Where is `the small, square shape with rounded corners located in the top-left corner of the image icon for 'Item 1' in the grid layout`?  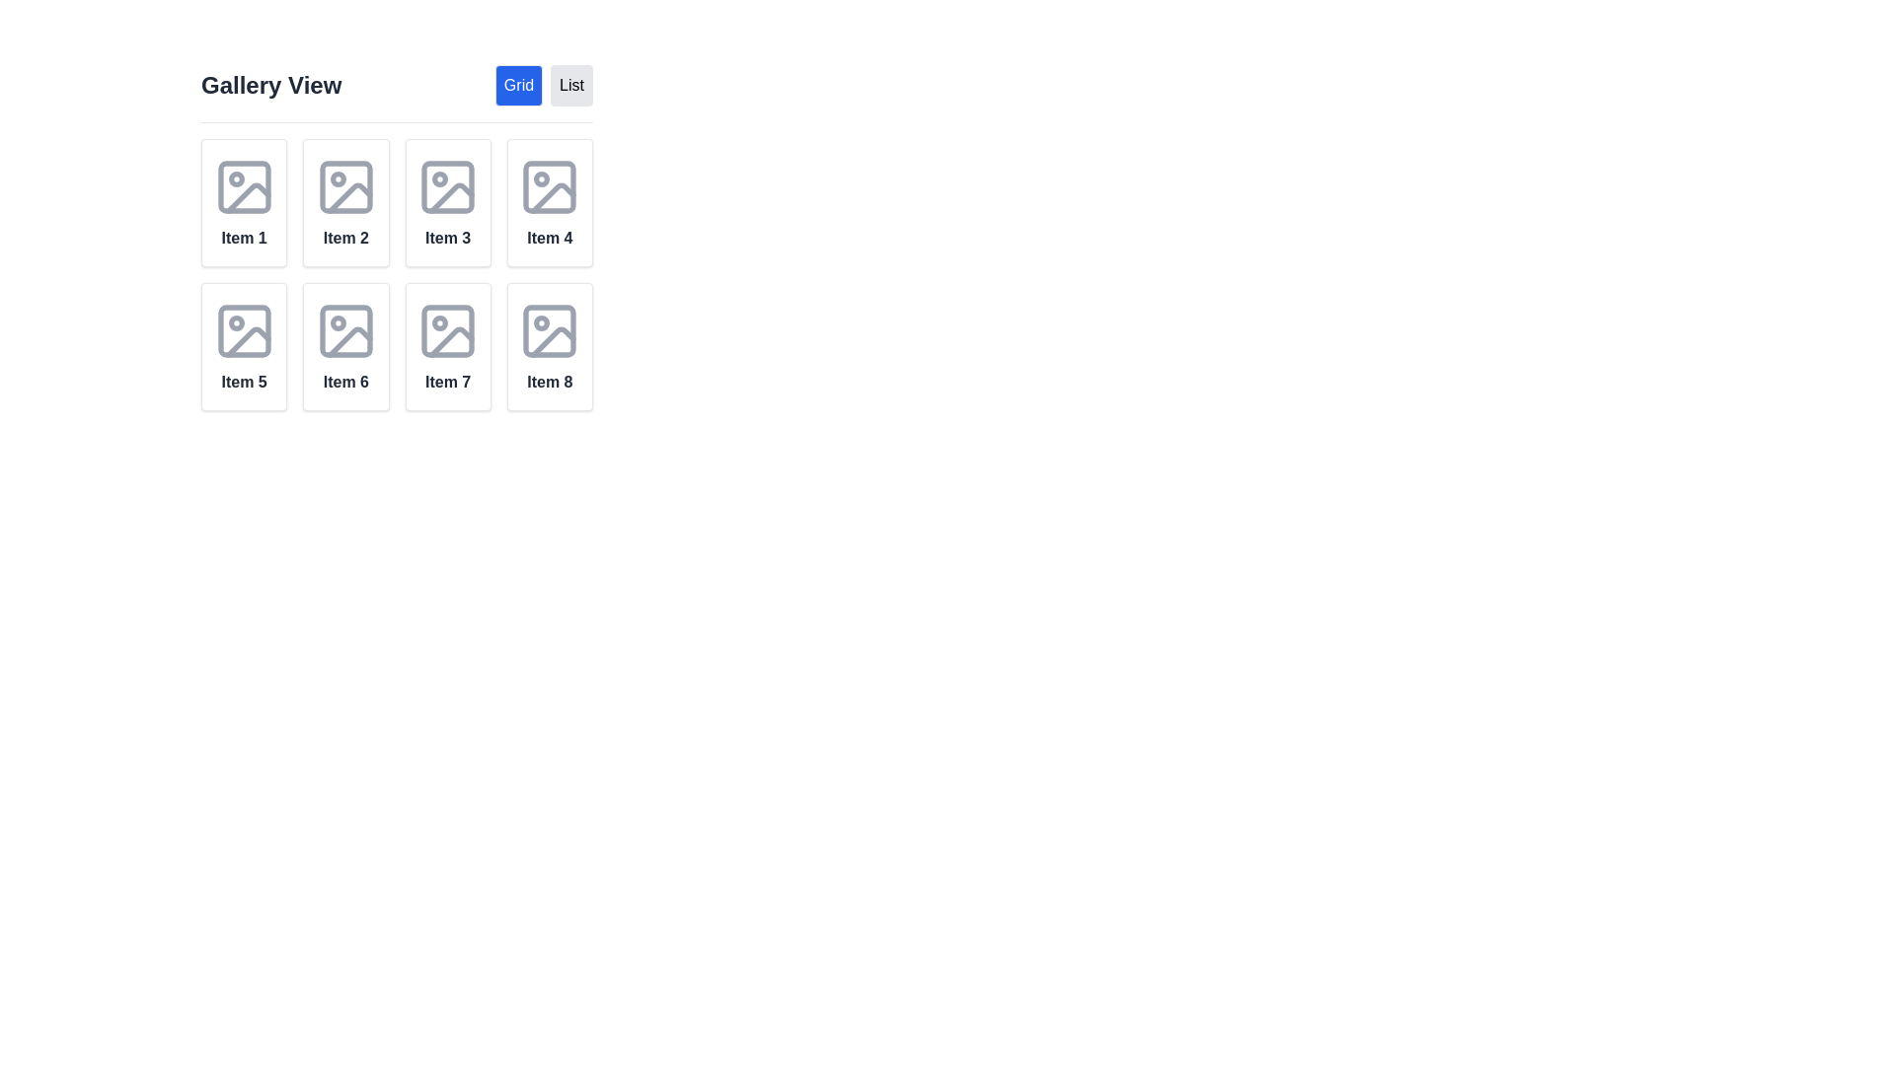
the small, square shape with rounded corners located in the top-left corner of the image icon for 'Item 1' in the grid layout is located at coordinates (243, 186).